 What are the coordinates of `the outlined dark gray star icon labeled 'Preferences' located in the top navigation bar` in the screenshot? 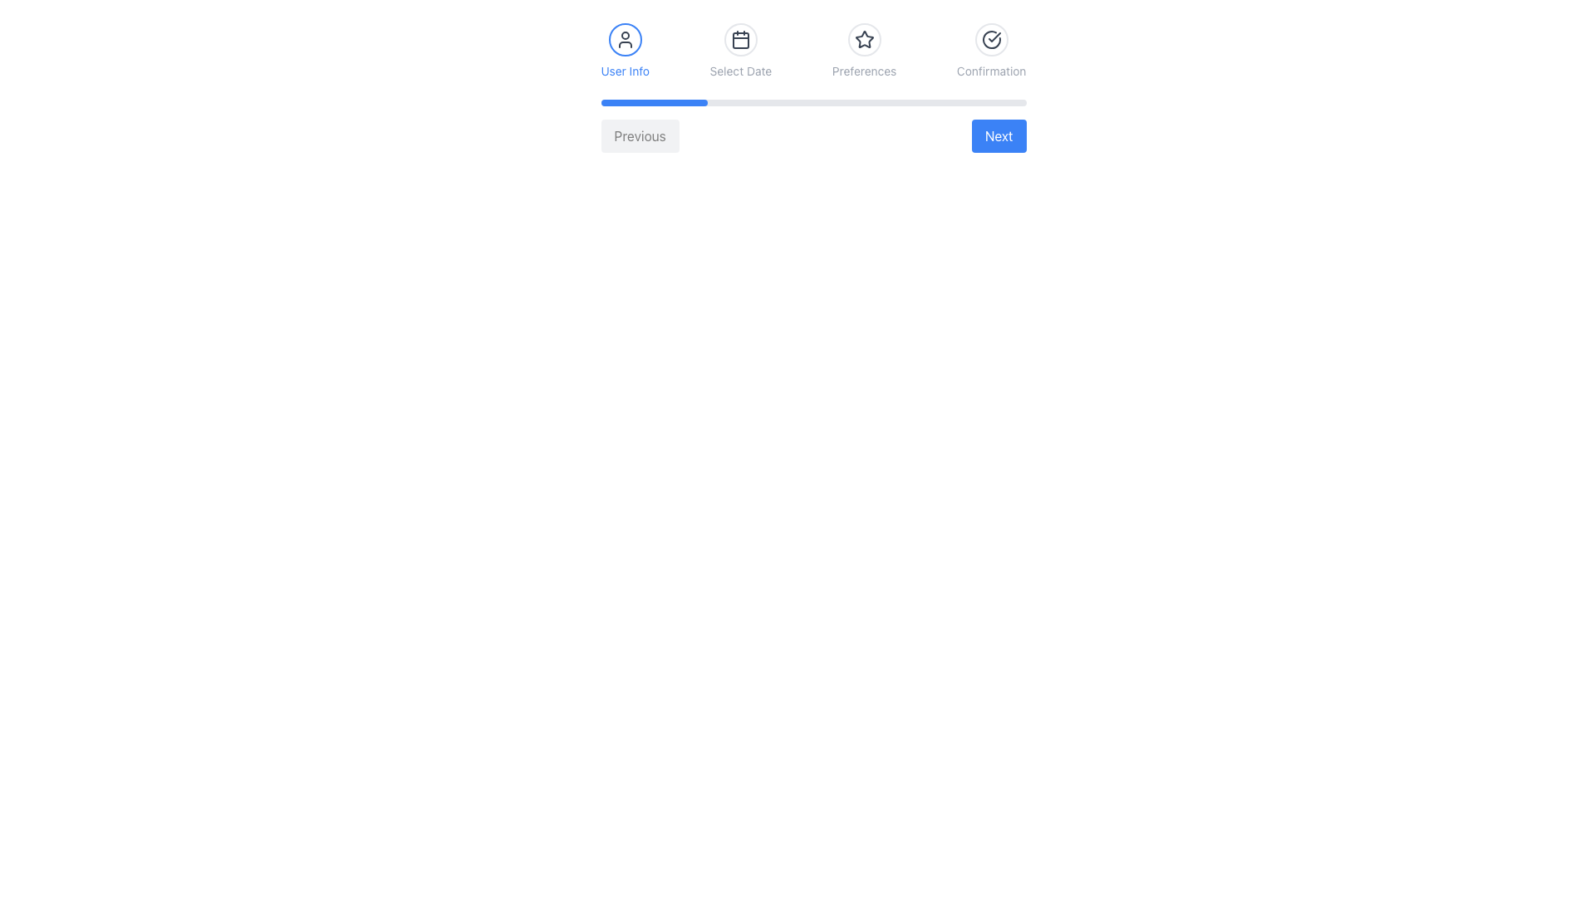 It's located at (864, 38).